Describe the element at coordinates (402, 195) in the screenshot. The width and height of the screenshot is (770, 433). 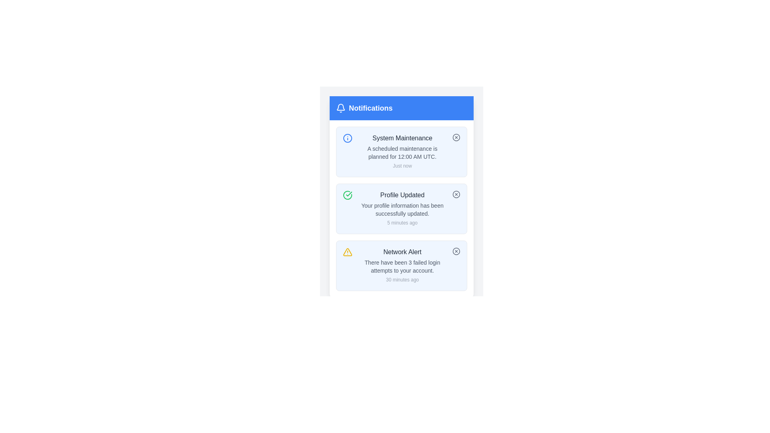
I see `the Text Label at the top of the notification card, which summarizes the content of the notification below` at that location.